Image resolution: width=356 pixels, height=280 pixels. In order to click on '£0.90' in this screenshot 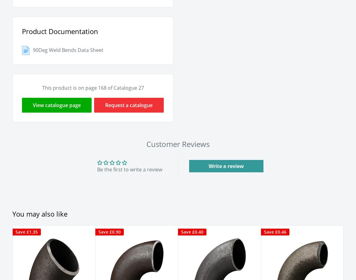, I will do `click(115, 231)`.